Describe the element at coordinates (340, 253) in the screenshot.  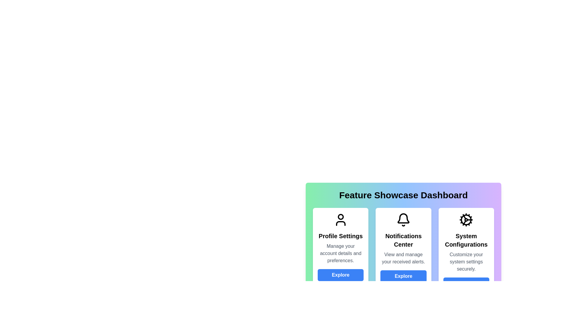
I see `the static text providing a brief description in the 'Profile Settings' section, located below the title 'Profile Settings' and above the 'Explore' button` at that location.